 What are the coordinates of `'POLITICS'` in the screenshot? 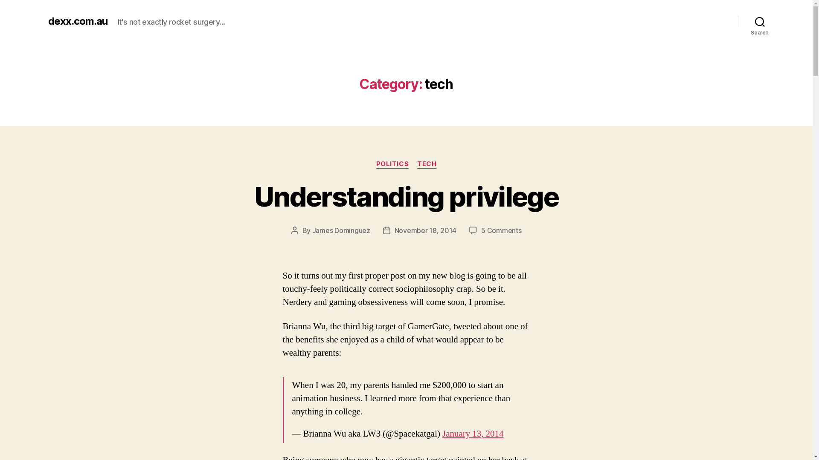 It's located at (392, 164).